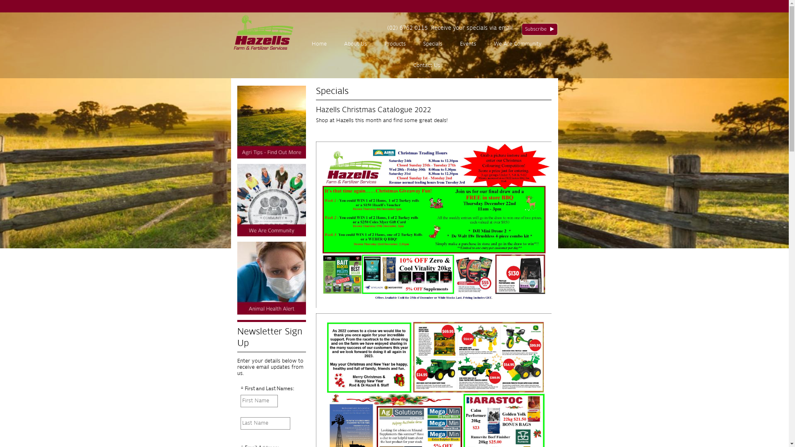  Describe the element at coordinates (485, 44) in the screenshot. I see `'We Are Community'` at that location.